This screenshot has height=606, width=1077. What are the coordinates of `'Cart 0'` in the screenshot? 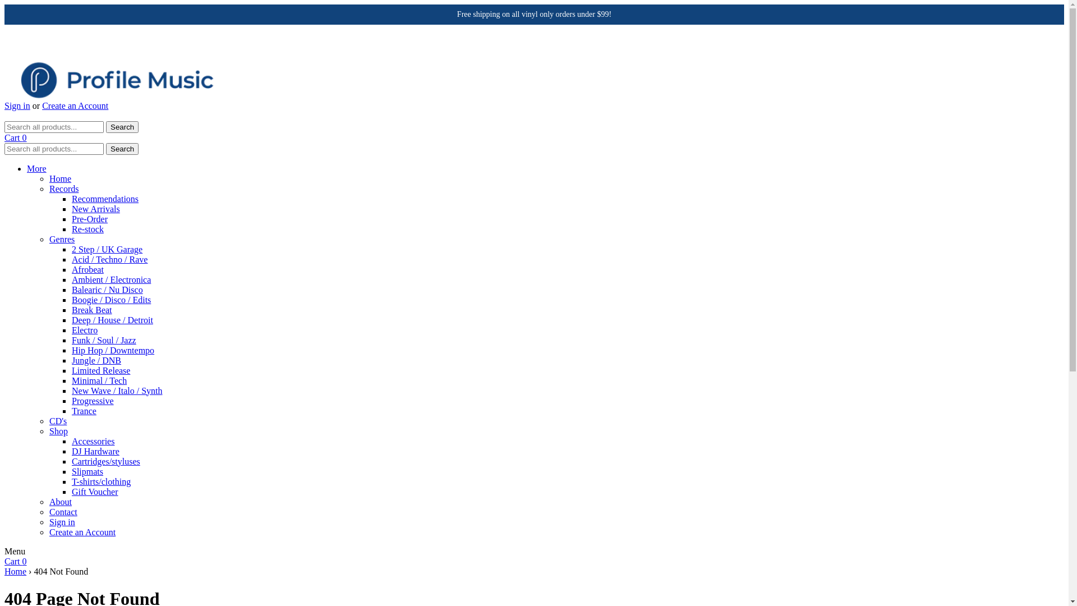 It's located at (16, 137).